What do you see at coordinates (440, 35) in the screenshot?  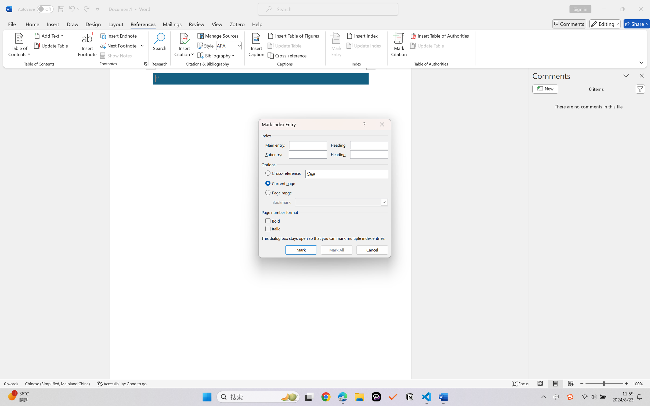 I see `'Insert Table of Authorities...'` at bounding box center [440, 35].